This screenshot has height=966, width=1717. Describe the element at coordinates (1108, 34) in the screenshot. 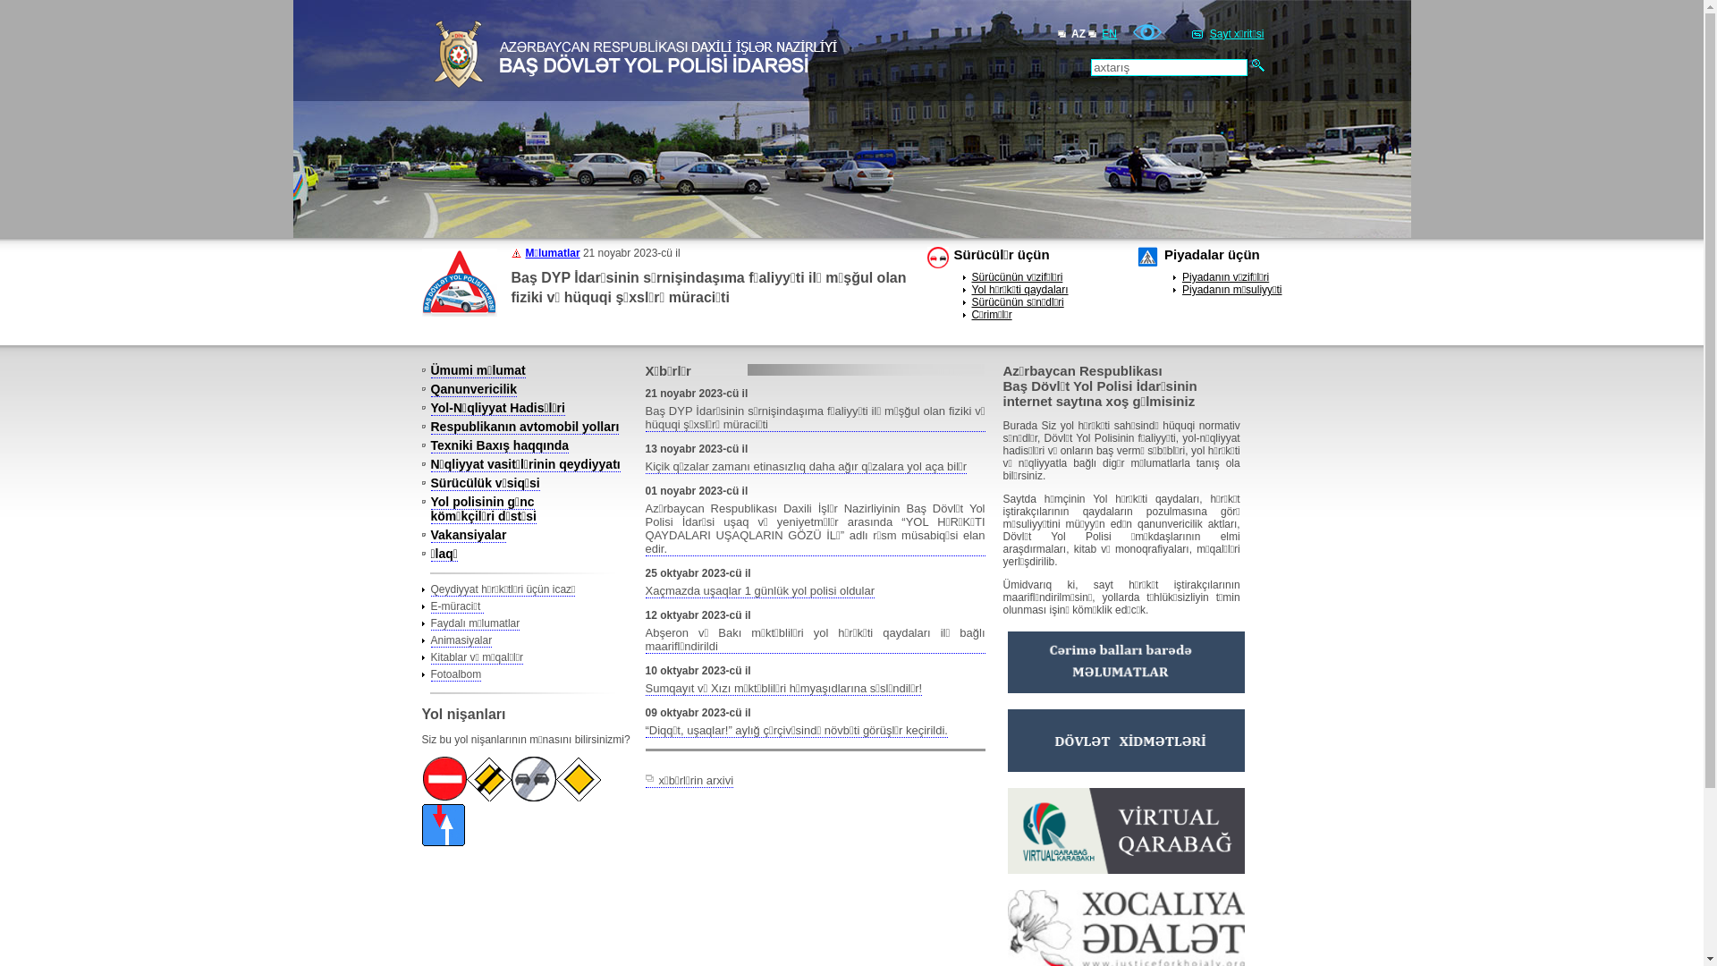

I see `'EN'` at that location.